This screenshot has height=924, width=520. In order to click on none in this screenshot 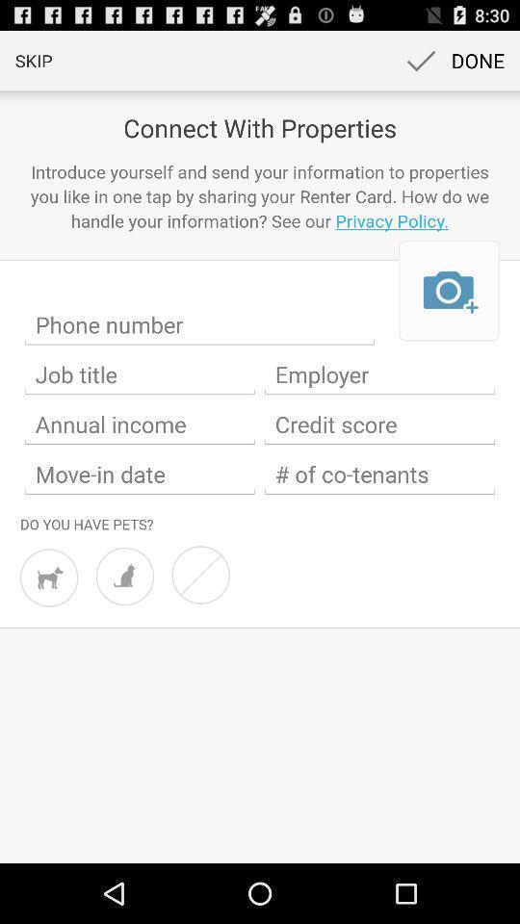, I will do `click(199, 575)`.